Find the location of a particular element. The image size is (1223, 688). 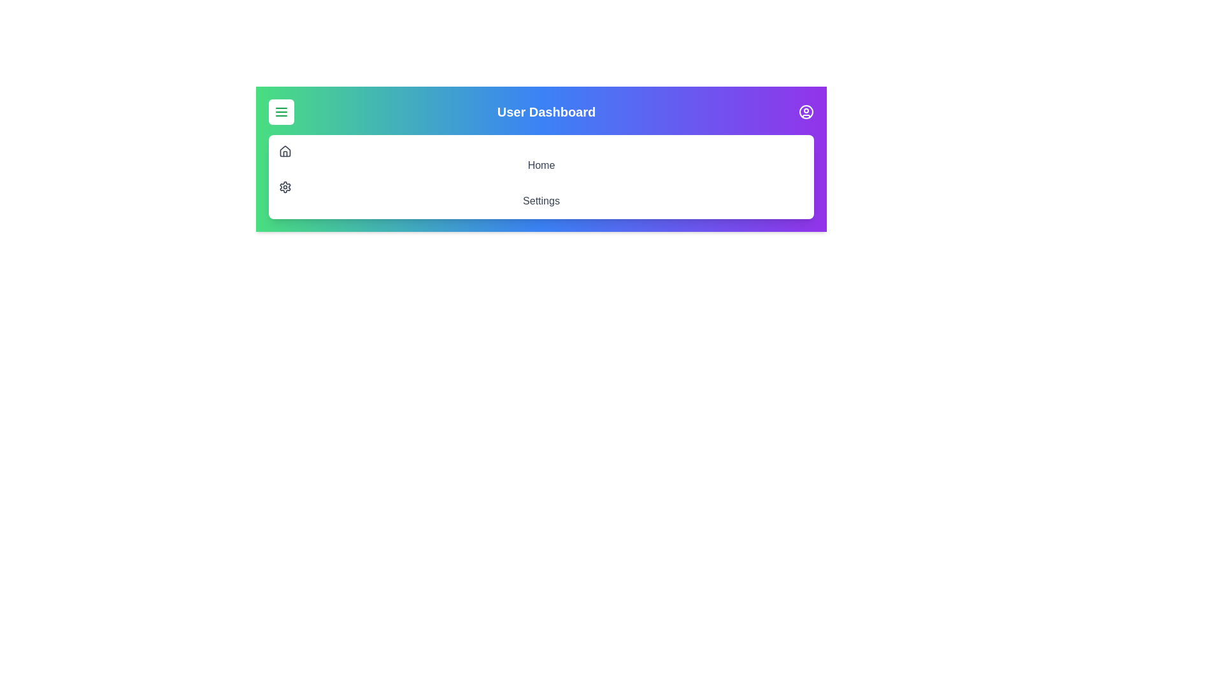

the 'Settings' option in the navigation menu is located at coordinates (284, 187).